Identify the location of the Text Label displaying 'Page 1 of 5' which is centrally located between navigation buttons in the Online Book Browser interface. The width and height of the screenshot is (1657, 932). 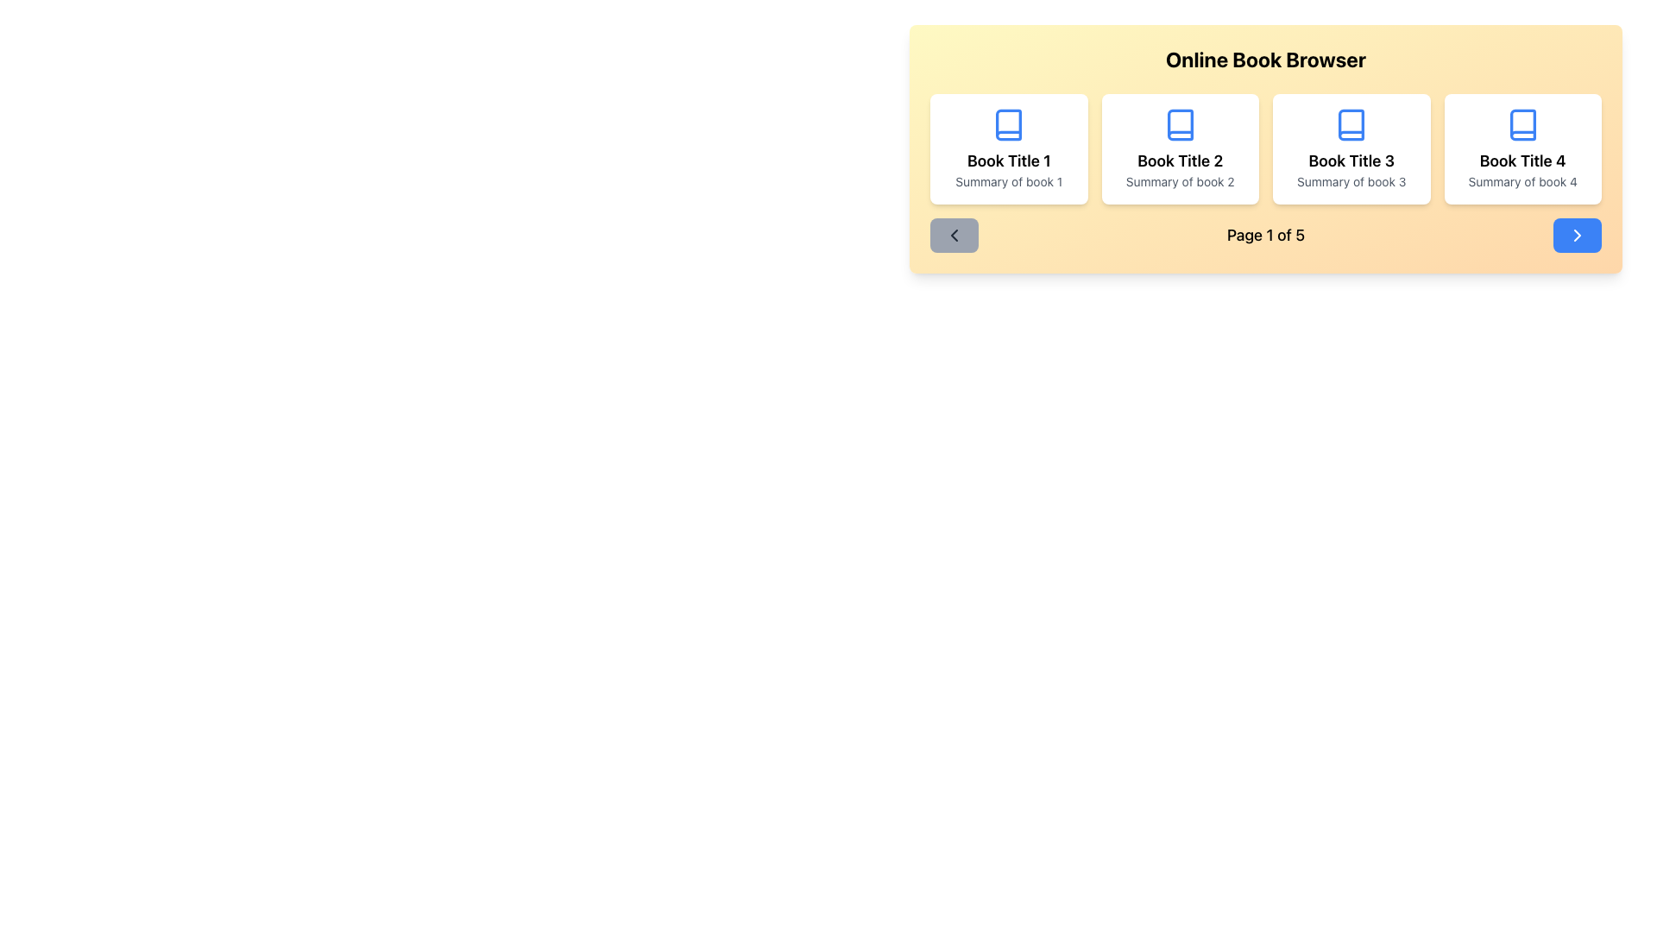
(1266, 236).